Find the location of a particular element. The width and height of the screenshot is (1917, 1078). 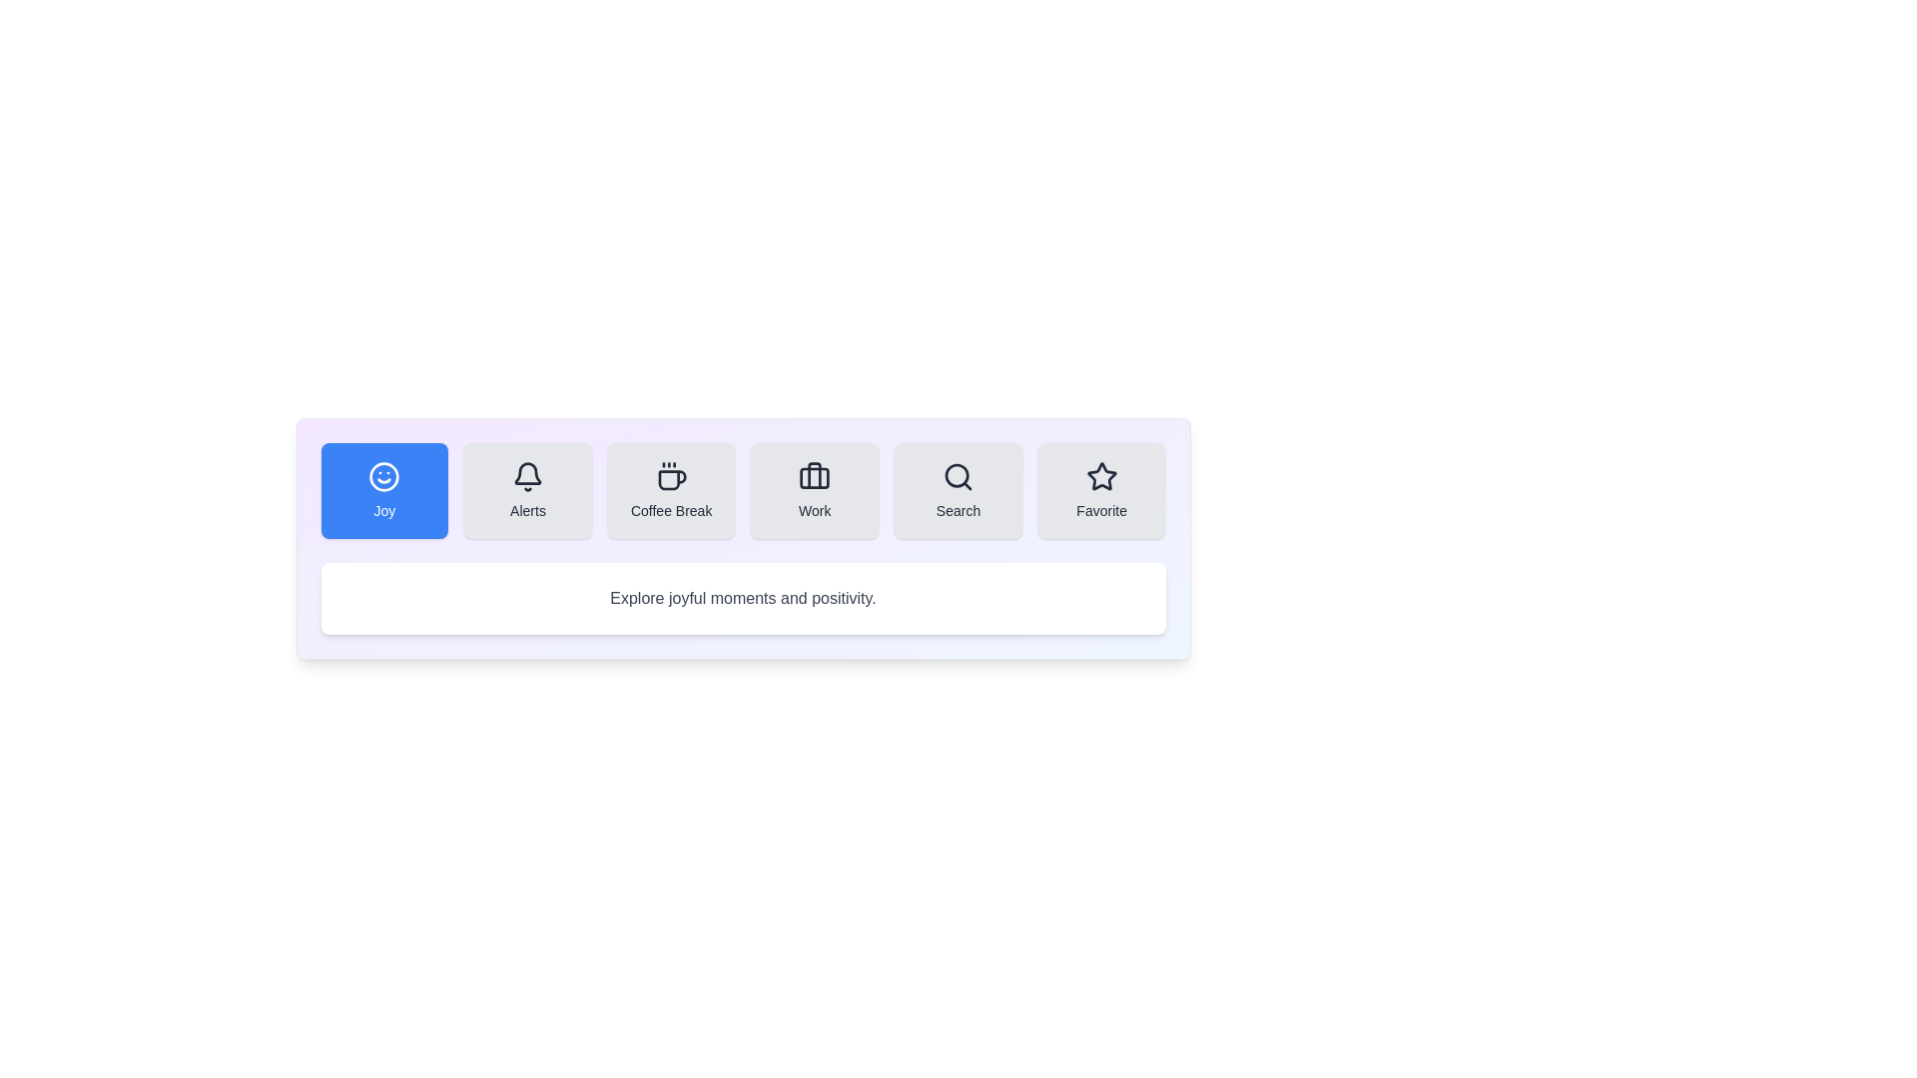

the tab labeled Favorite to observe the hover effect is located at coordinates (1101, 491).